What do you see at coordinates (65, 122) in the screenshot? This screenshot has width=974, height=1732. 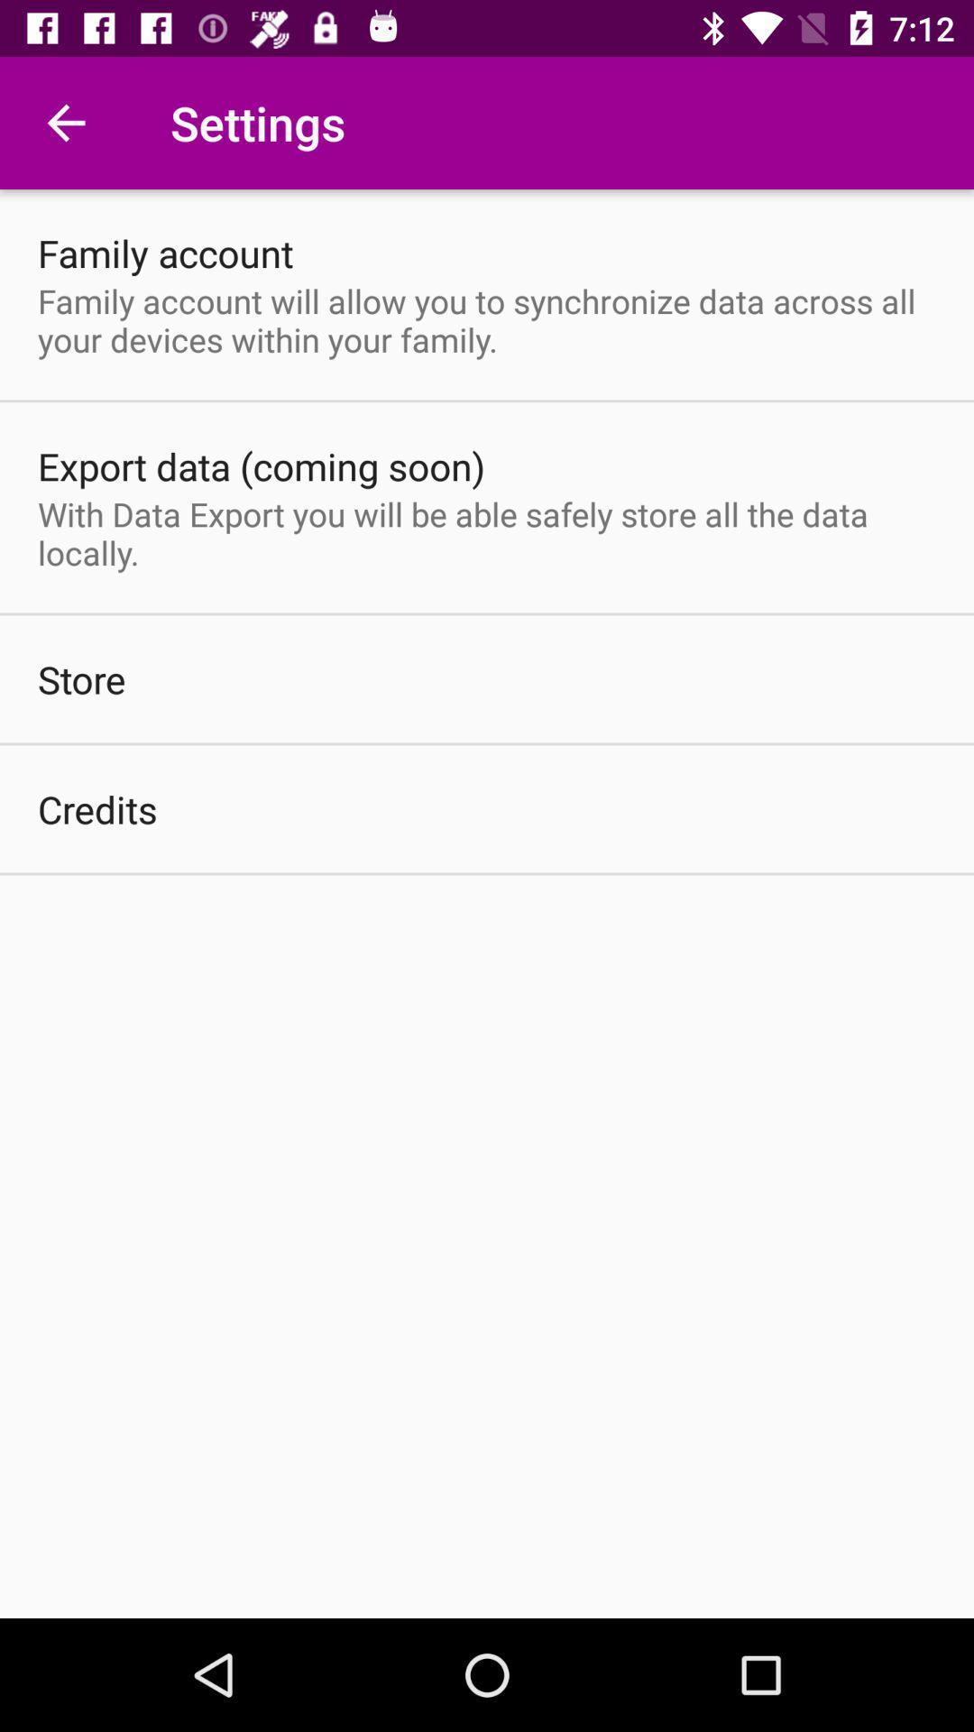 I see `icon above the family account item` at bounding box center [65, 122].